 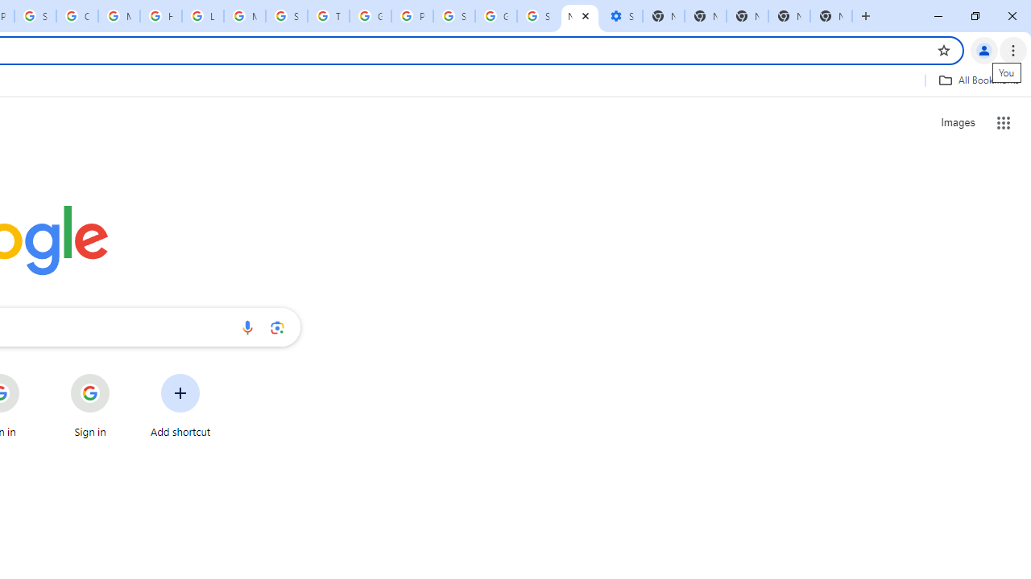 What do you see at coordinates (495, 16) in the screenshot?
I see `'Google Cybersecurity Innovations - Google Safety Center'` at bounding box center [495, 16].